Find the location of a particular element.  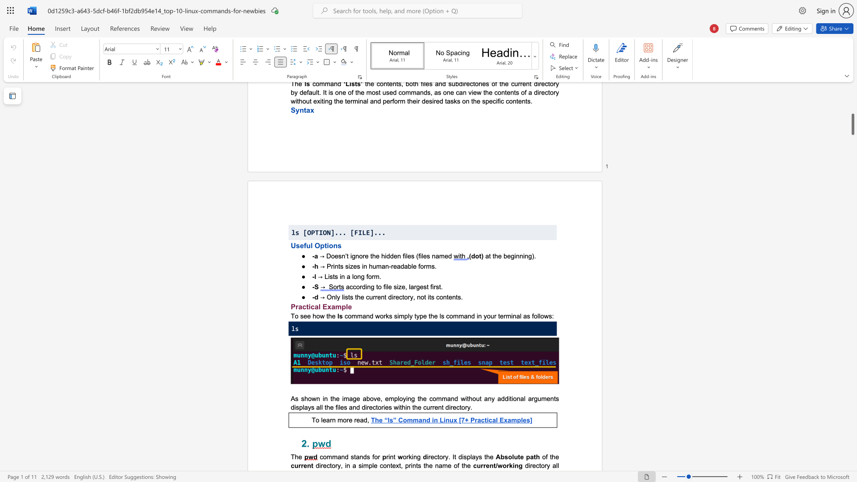

the subset text "s for" within the text "command stands for" is located at coordinates (366, 457).